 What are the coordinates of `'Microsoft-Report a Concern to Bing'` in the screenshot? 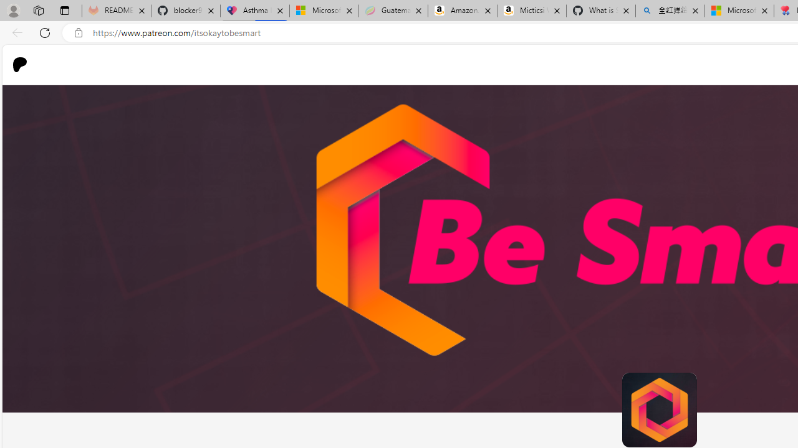 It's located at (324, 11).